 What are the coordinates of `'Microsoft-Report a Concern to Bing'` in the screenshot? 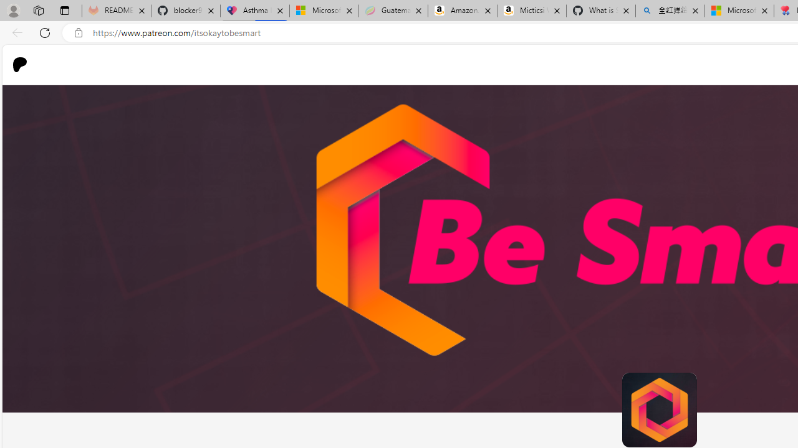 It's located at (324, 11).